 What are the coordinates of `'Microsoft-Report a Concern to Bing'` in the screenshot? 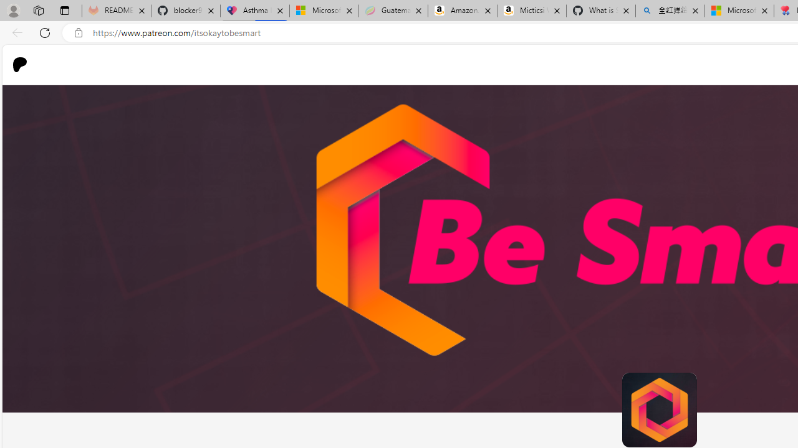 It's located at (324, 11).